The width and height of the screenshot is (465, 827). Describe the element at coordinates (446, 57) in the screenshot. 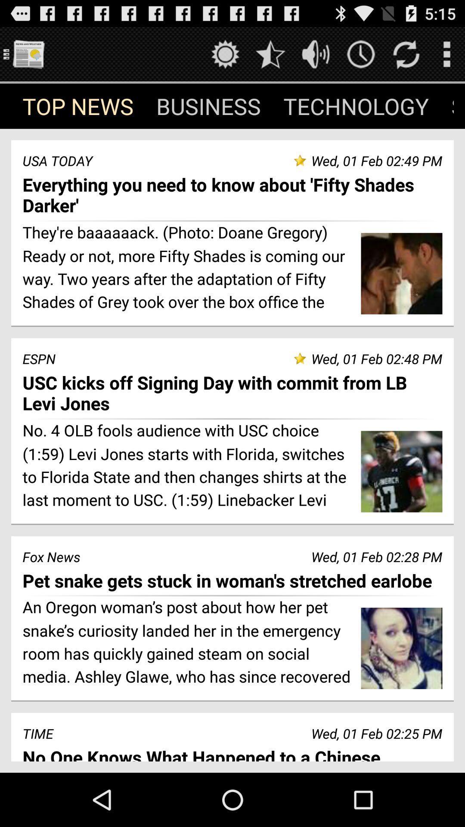

I see `the more icon` at that location.